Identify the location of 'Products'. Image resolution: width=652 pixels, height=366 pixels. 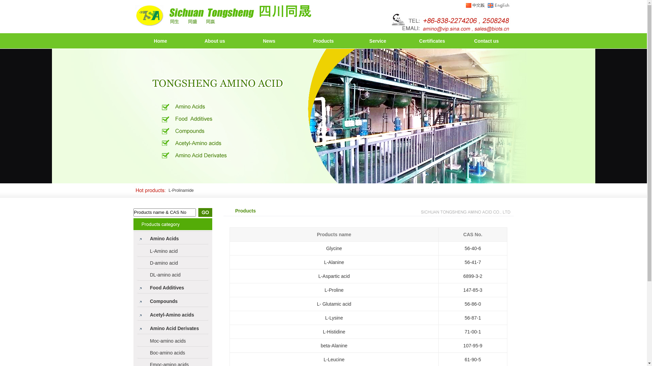
(323, 41).